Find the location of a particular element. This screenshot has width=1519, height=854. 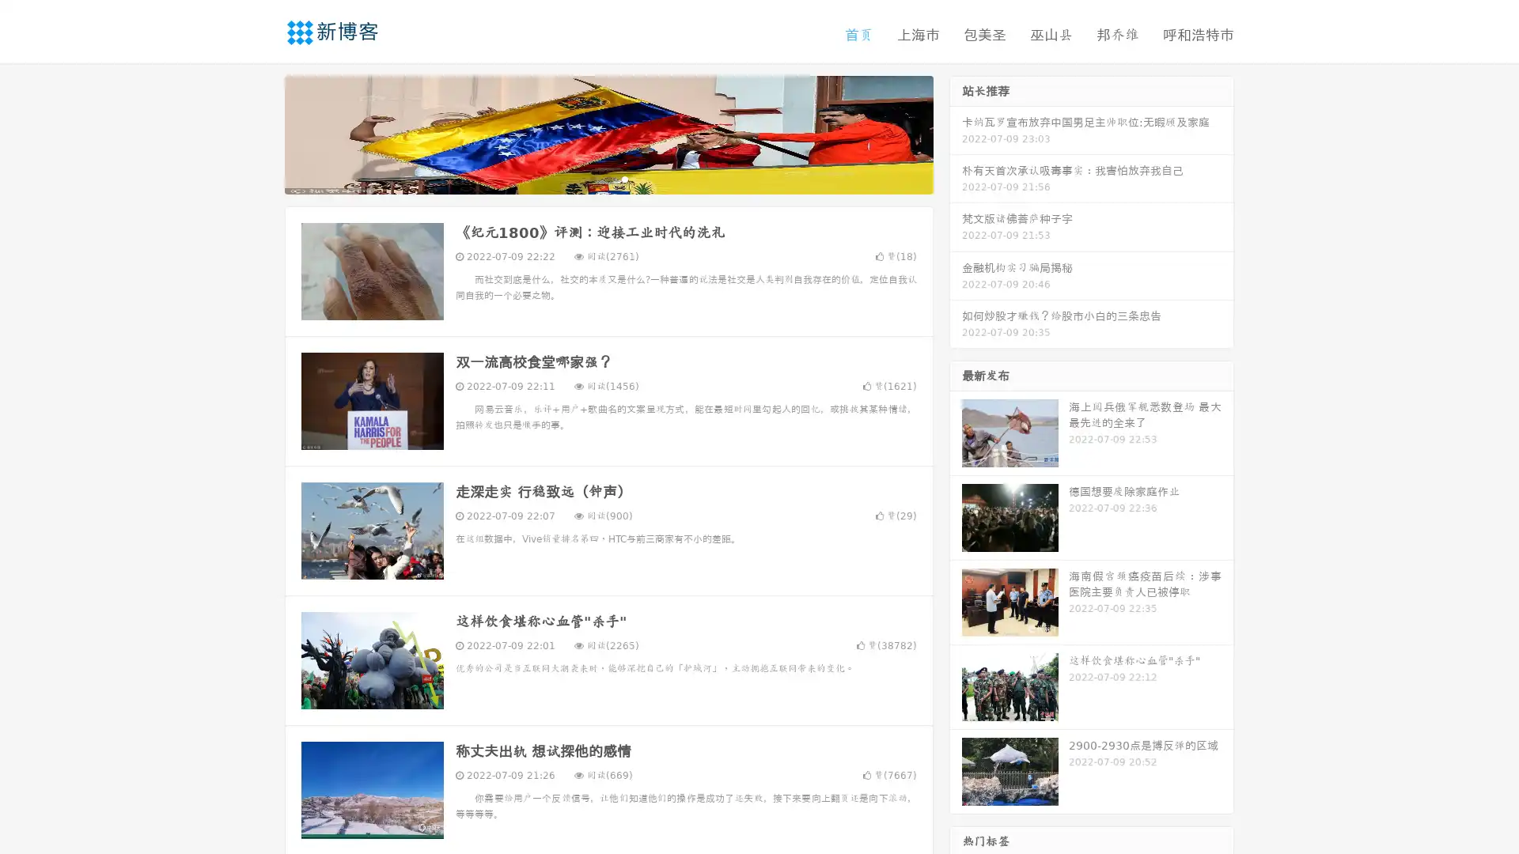

Go to slide 3 is located at coordinates (624, 178).